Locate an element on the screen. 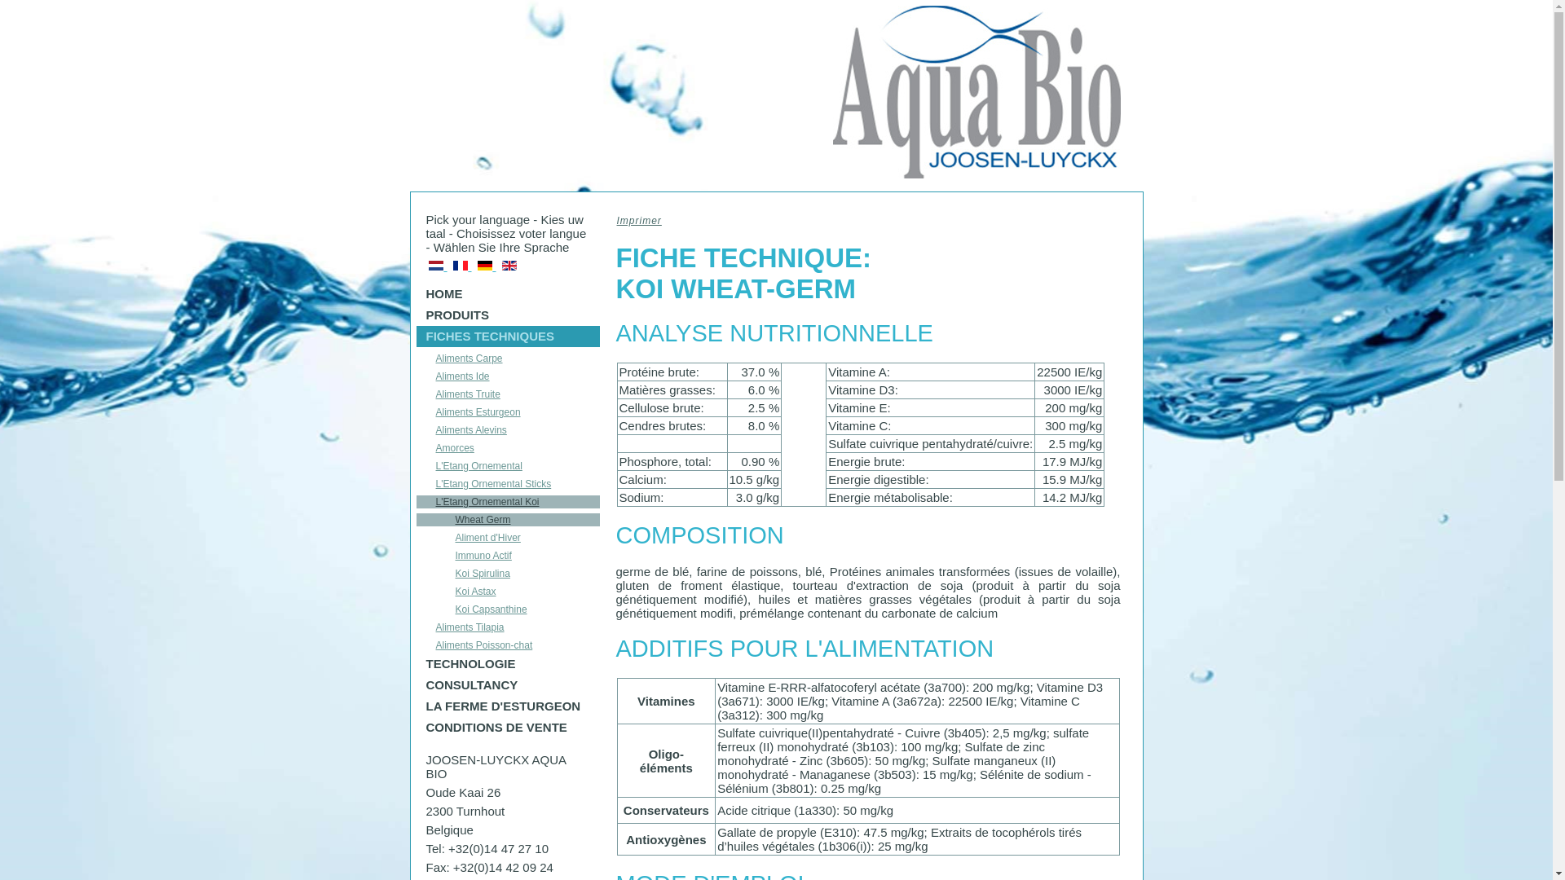 The width and height of the screenshot is (1565, 880). 'Deutch (DE)' is located at coordinates (484, 265).